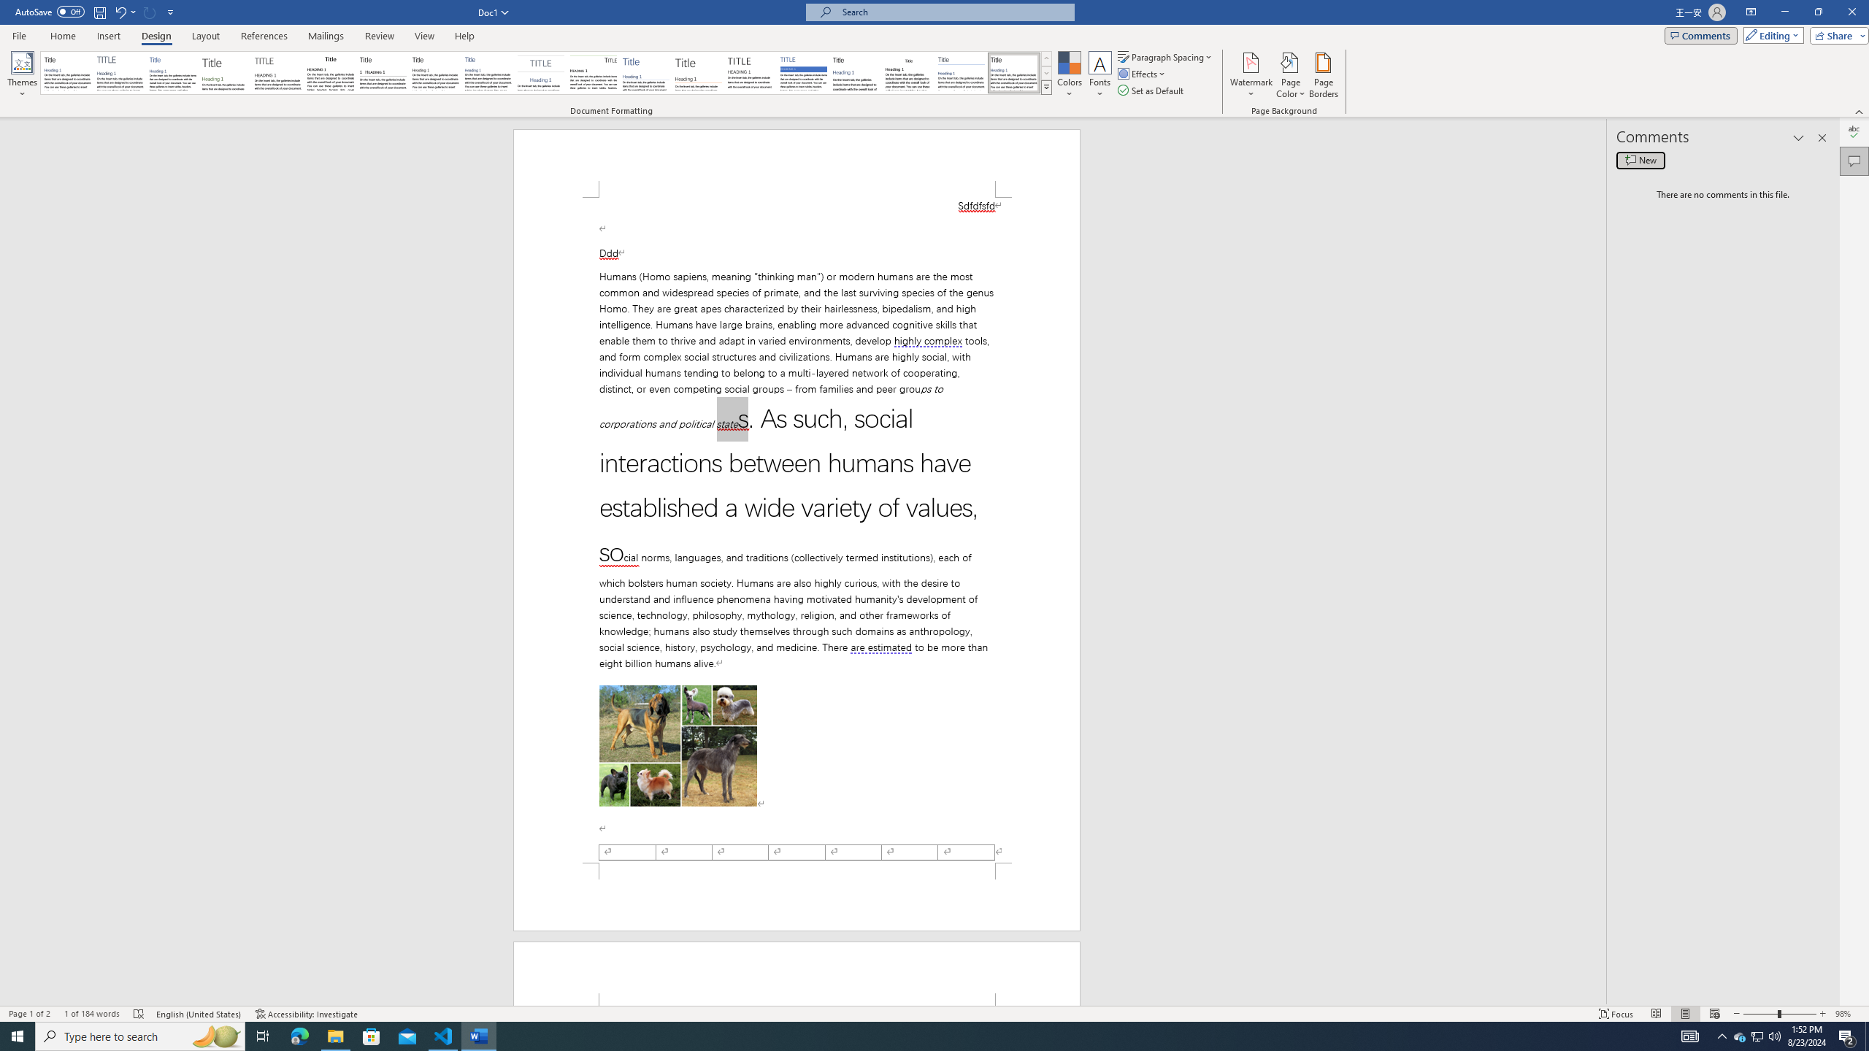 The width and height of the screenshot is (1869, 1051). I want to click on 'Word 2010', so click(961, 72).